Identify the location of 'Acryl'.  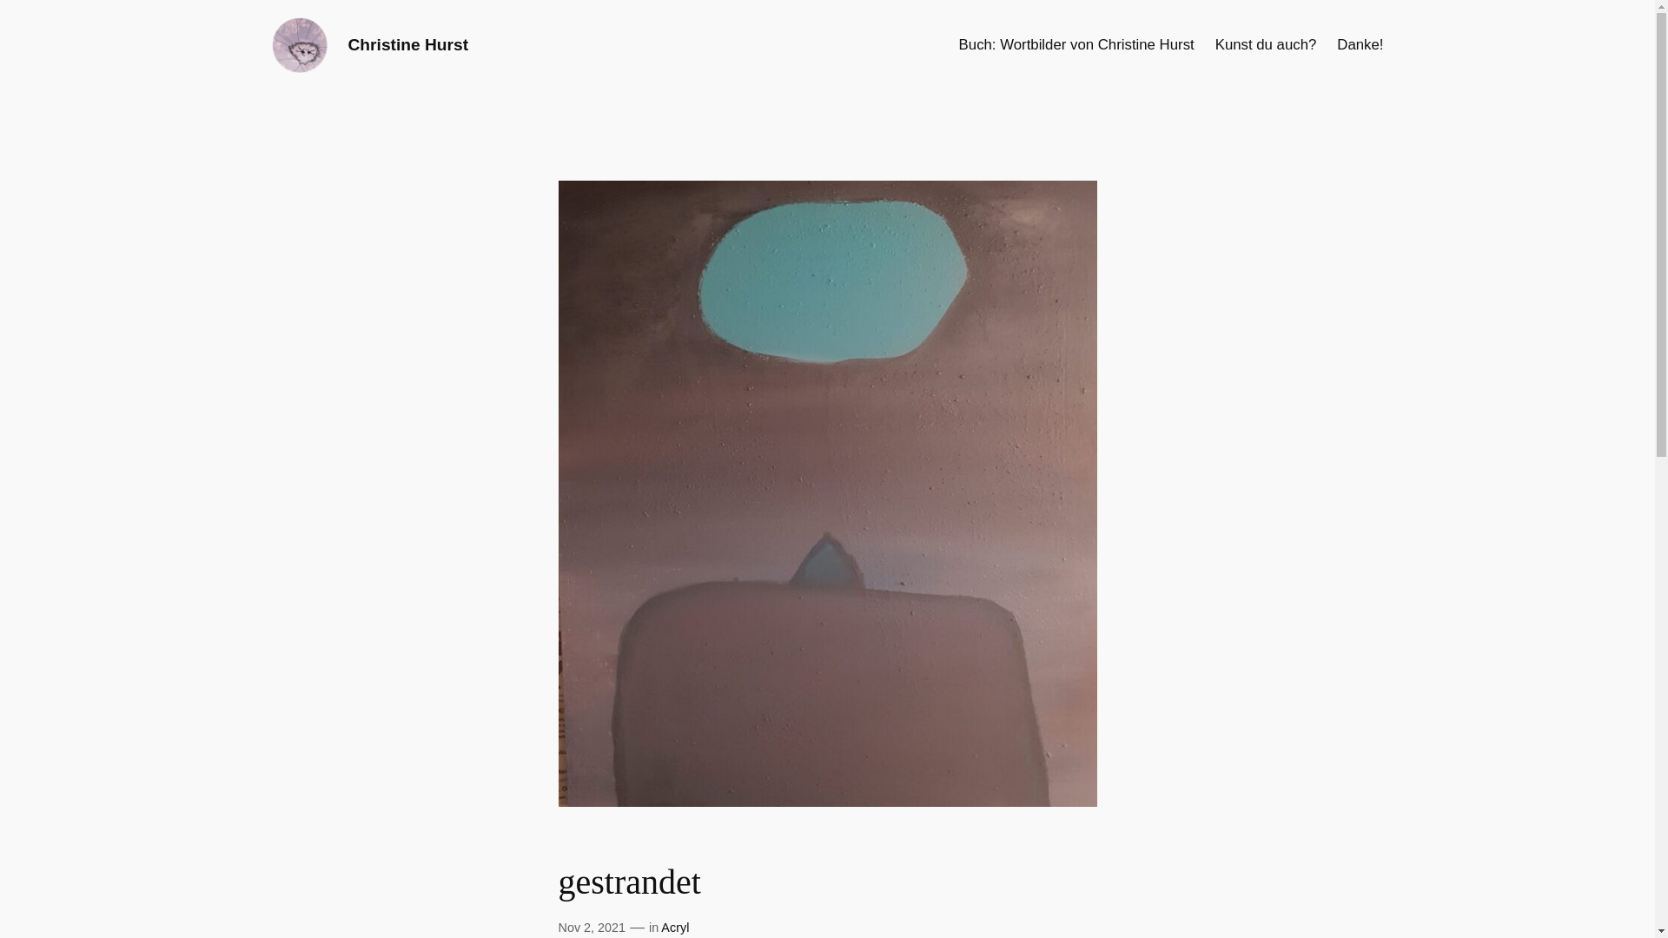
(674, 927).